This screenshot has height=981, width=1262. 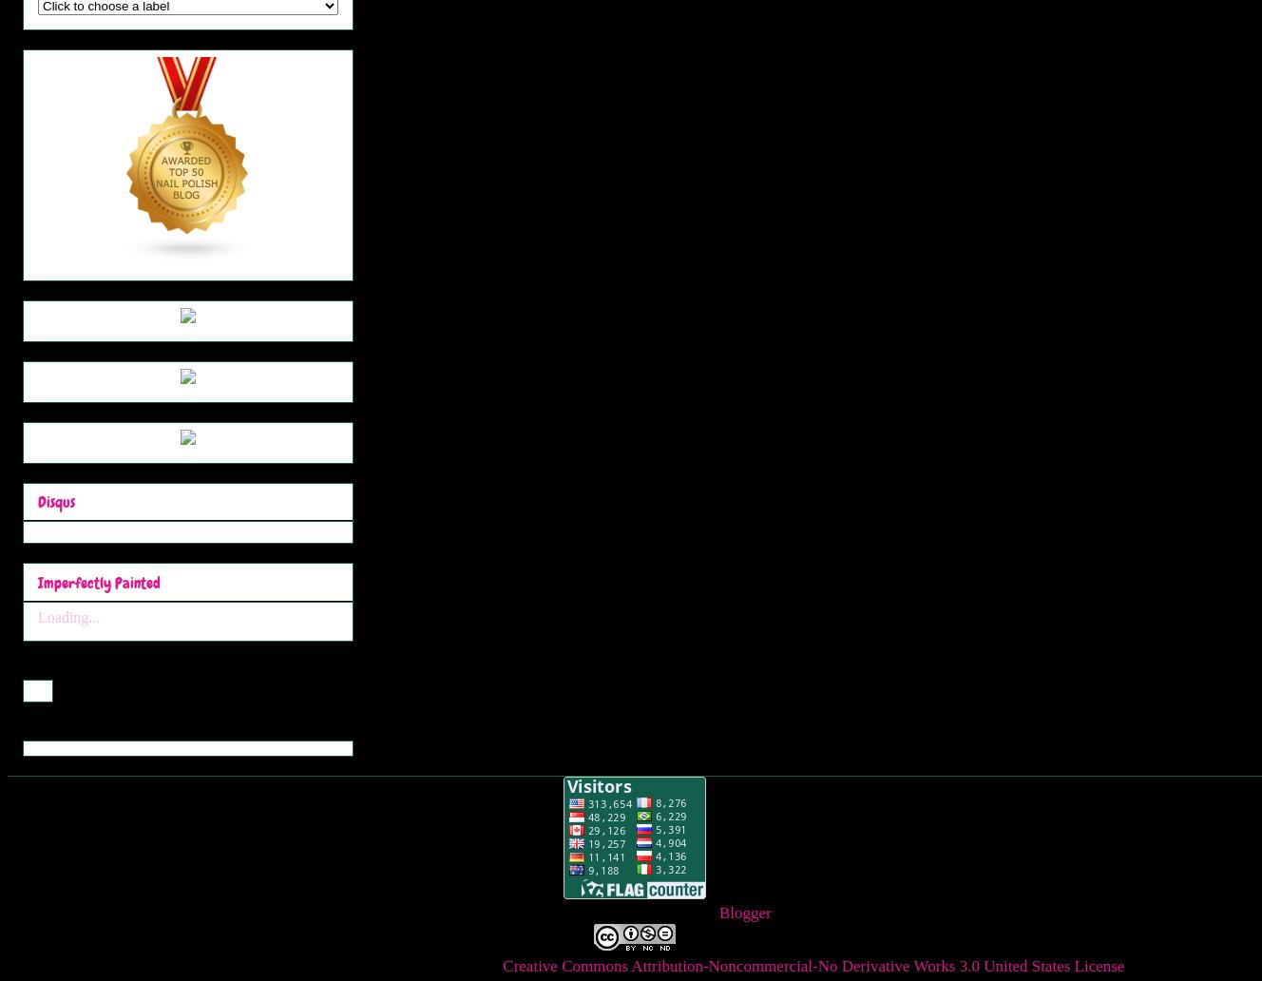 I want to click on 'Disqus', so click(x=56, y=502).